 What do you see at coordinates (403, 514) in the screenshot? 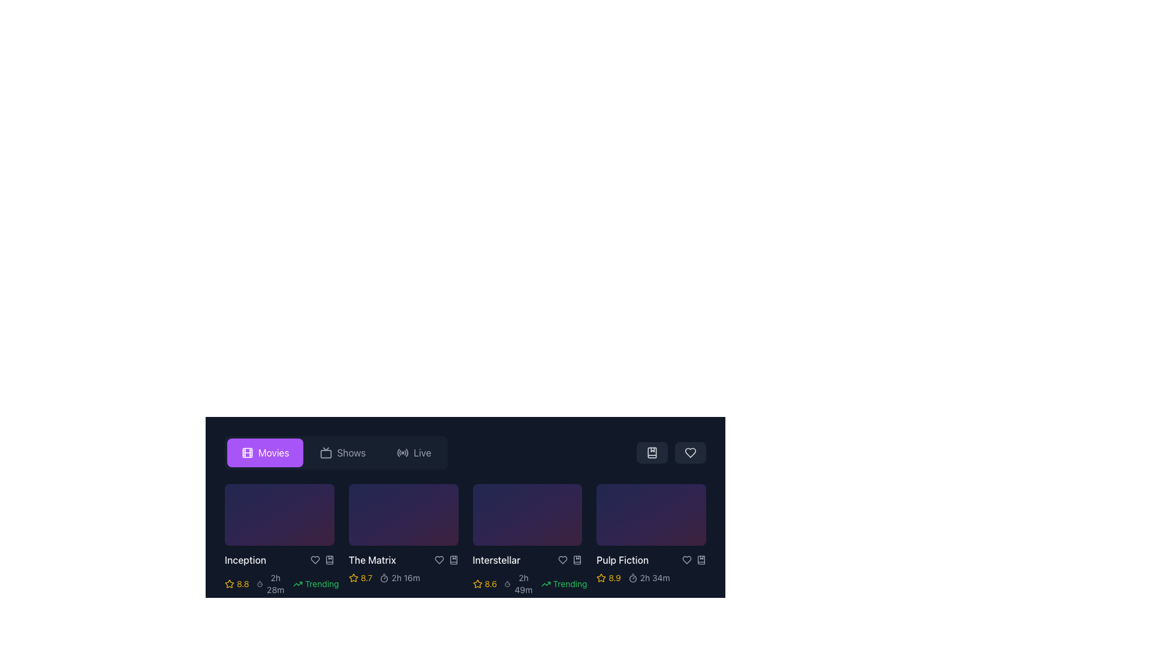
I see `the clickable thumbnail representing the movie 'The Matrix'` at bounding box center [403, 514].